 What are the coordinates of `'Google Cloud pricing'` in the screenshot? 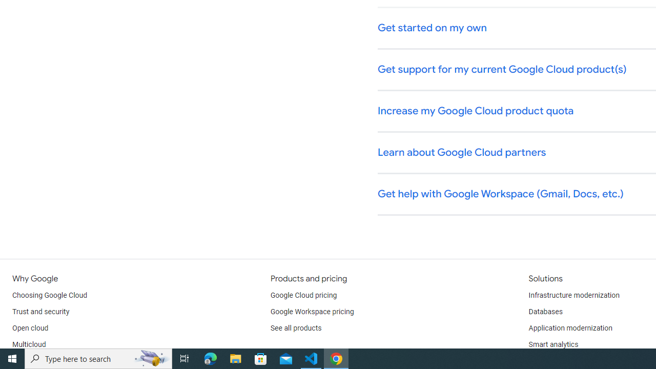 It's located at (303, 296).